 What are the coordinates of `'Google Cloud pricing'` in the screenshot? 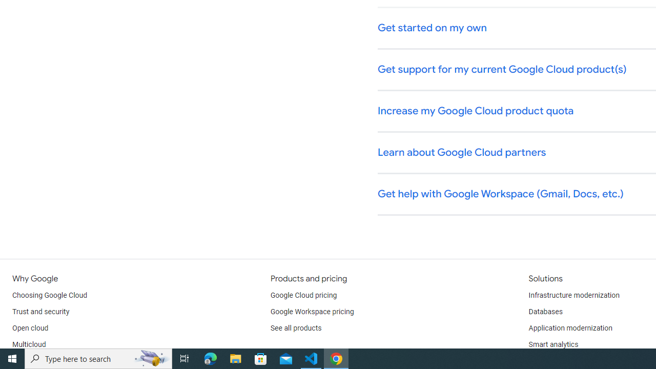 It's located at (303, 296).